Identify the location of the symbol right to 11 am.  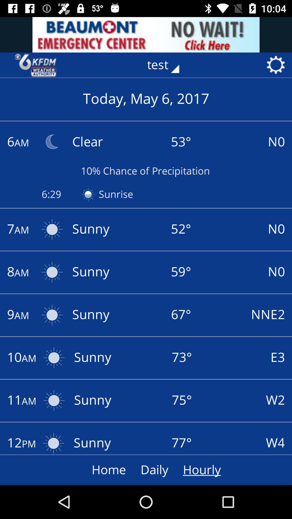
(54, 400).